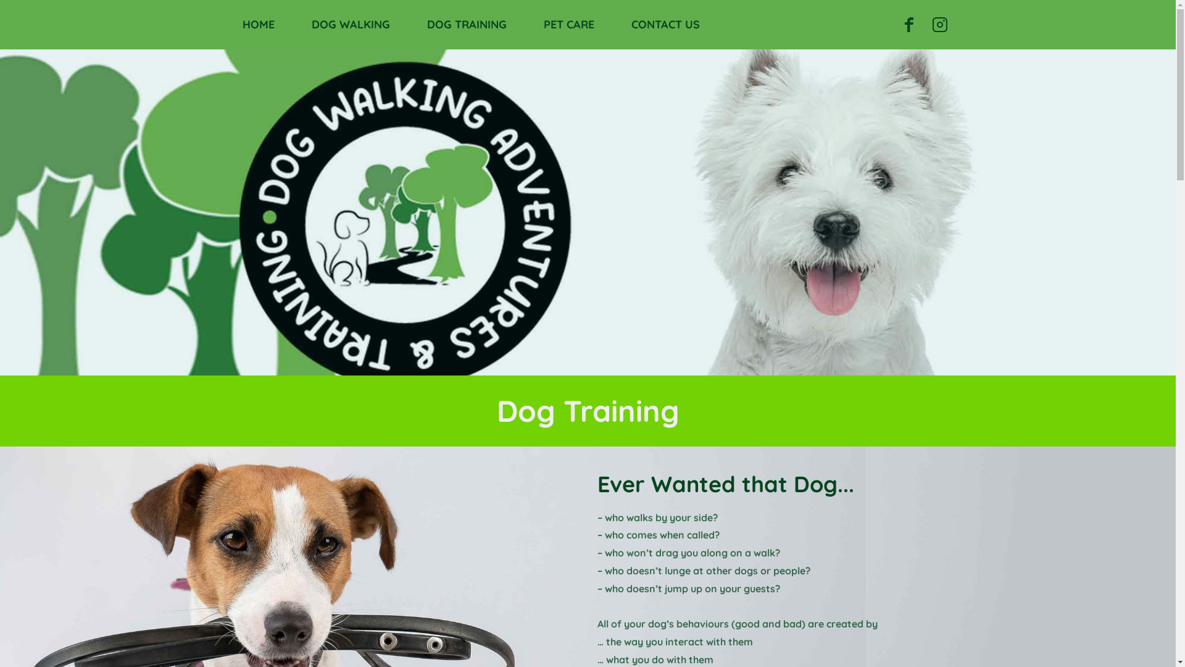 The height and width of the screenshot is (667, 1185). What do you see at coordinates (465, 24) in the screenshot?
I see `'DOG TRAINING'` at bounding box center [465, 24].